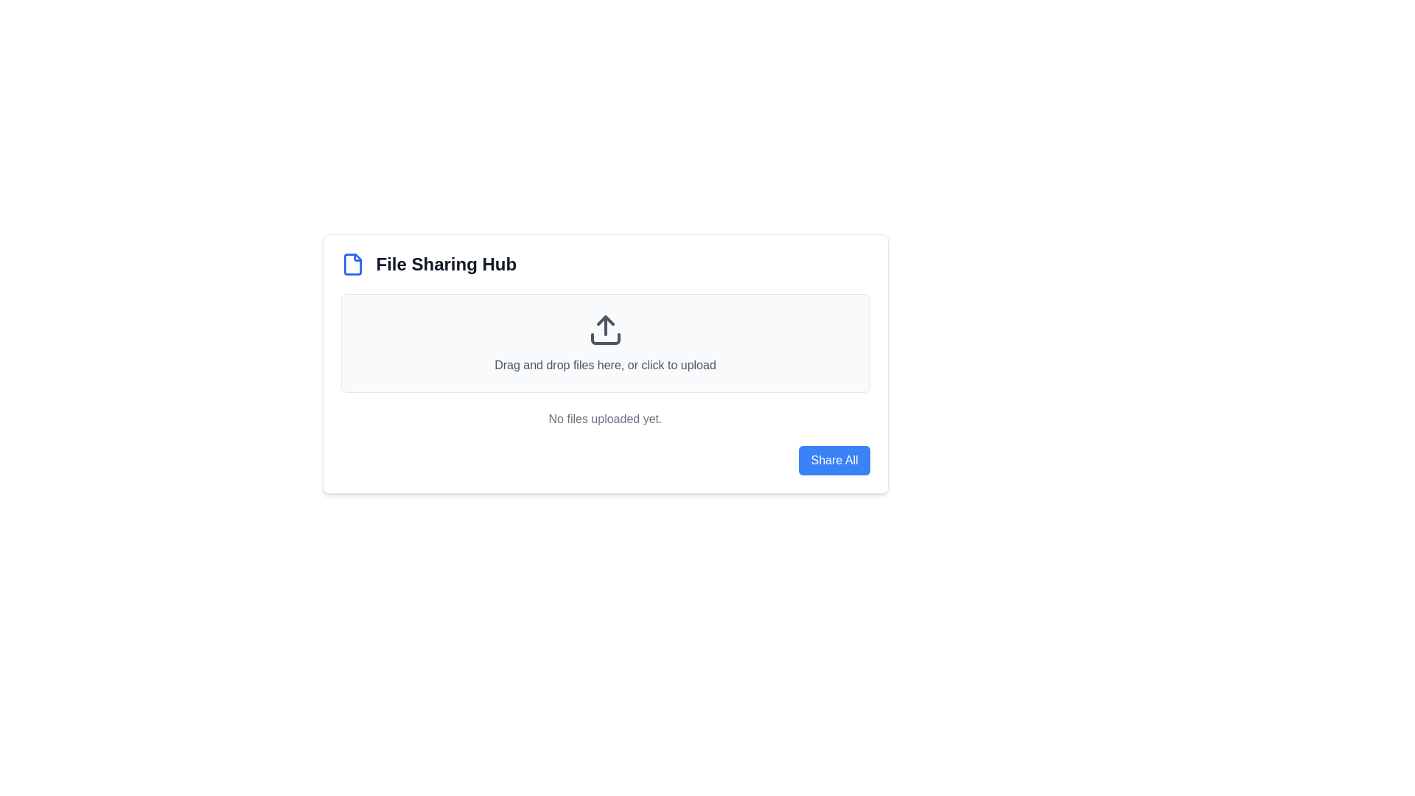 The height and width of the screenshot is (796, 1415). What do you see at coordinates (605, 343) in the screenshot?
I see `the File upload drag-and-drop area` at bounding box center [605, 343].